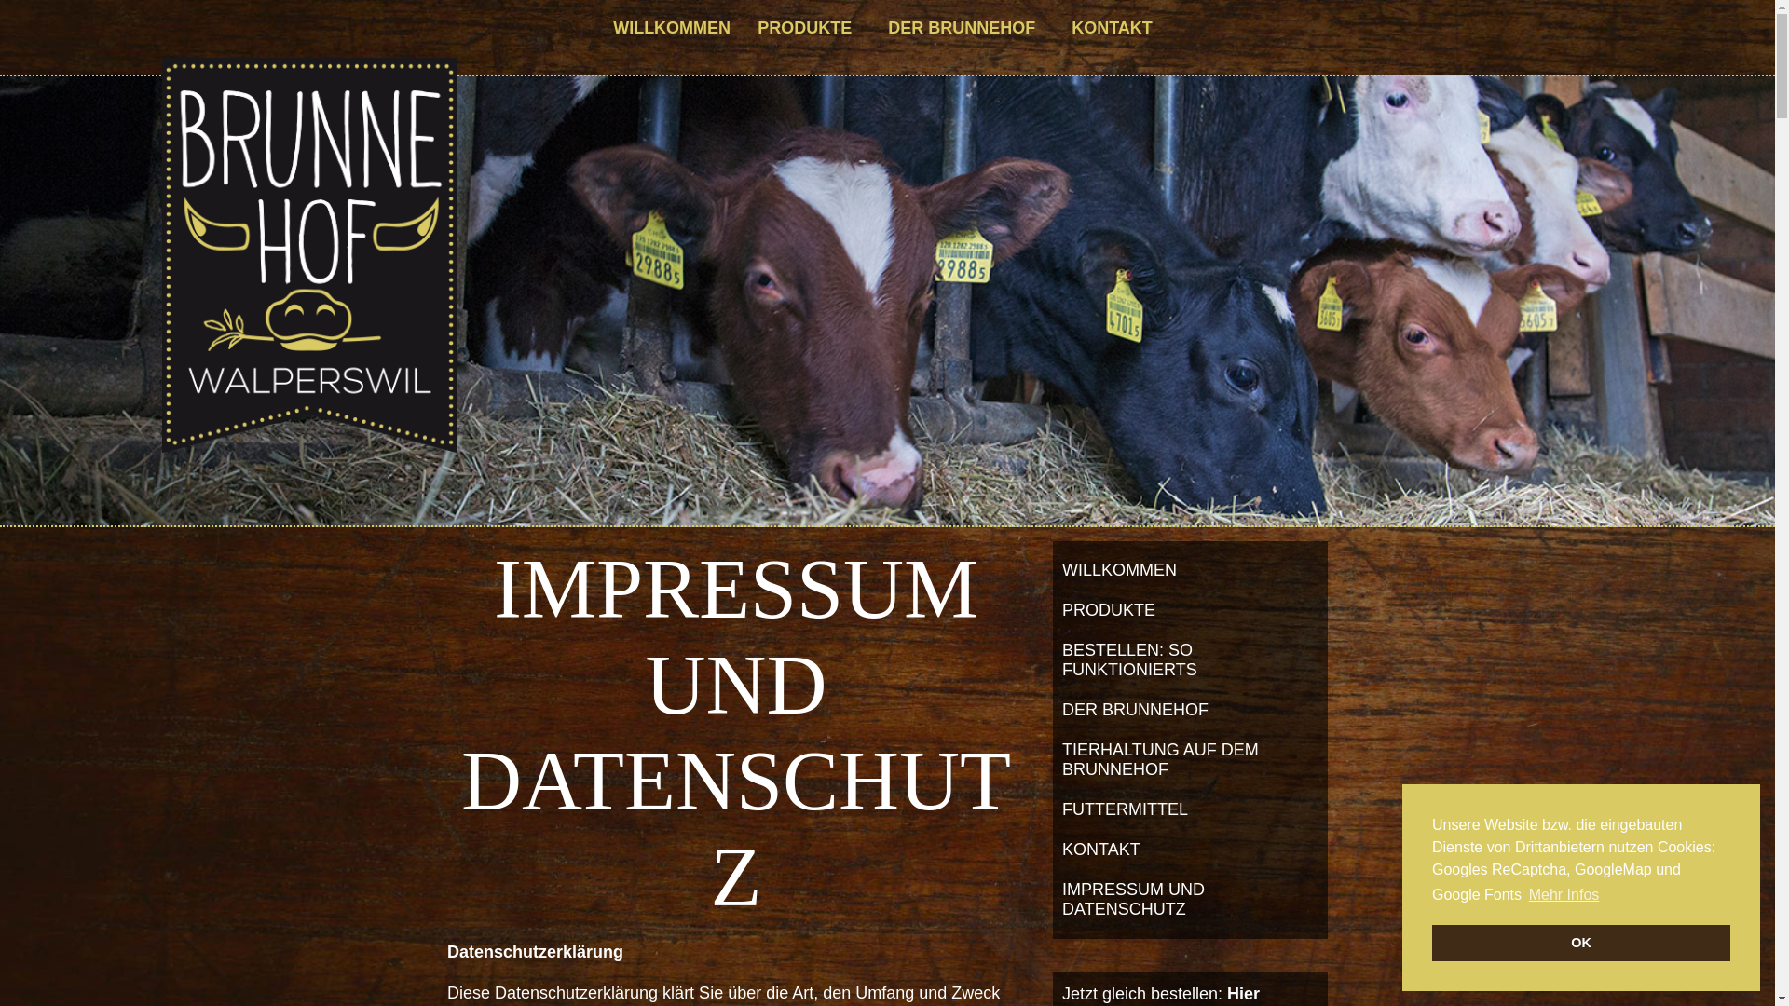 Image resolution: width=1789 pixels, height=1006 pixels. I want to click on 'TIERHALTUNG AUF DEM BRUNNEHOF', so click(1189, 760).